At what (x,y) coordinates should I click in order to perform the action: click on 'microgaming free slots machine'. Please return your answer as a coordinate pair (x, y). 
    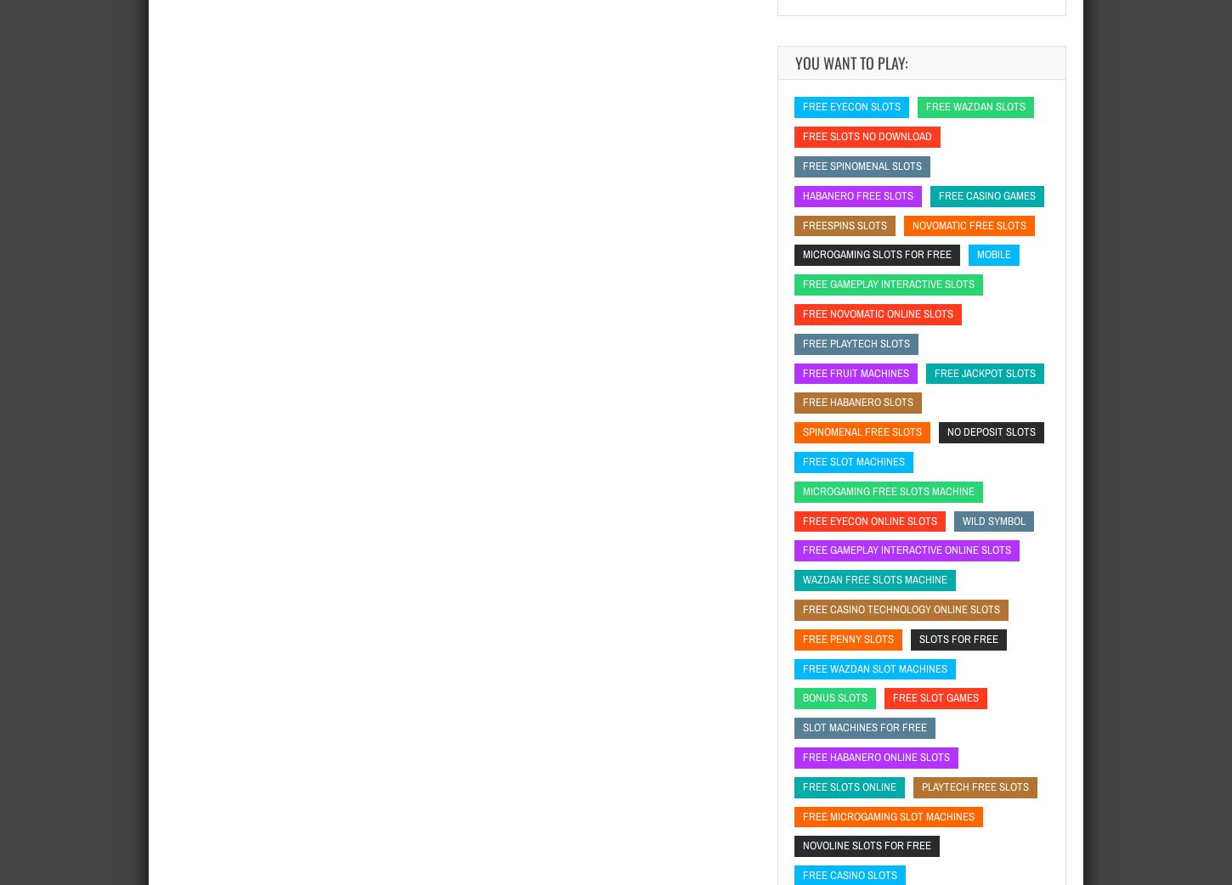
    Looking at the image, I should click on (889, 489).